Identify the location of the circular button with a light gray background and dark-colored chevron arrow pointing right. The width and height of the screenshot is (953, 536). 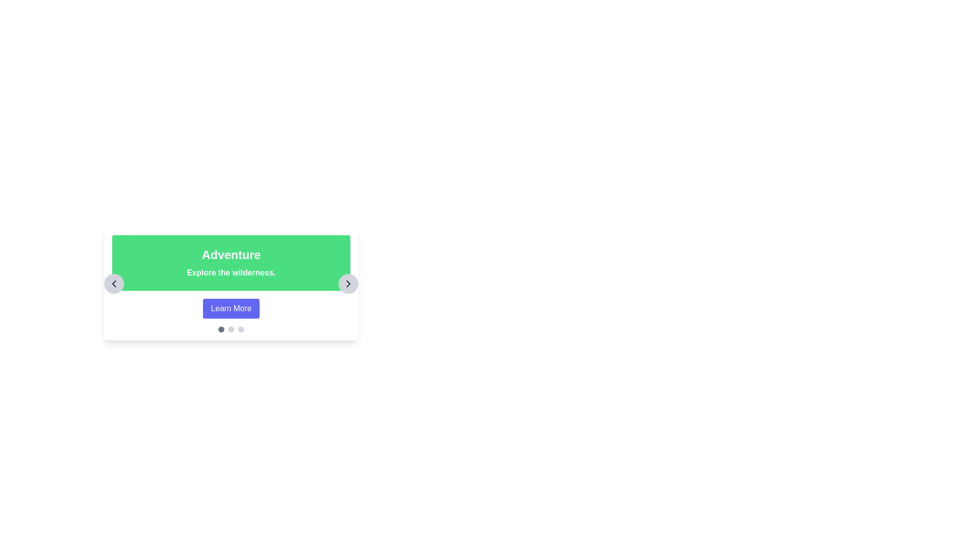
(348, 283).